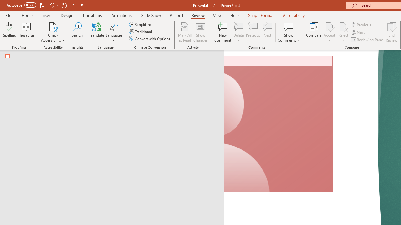  What do you see at coordinates (51, 5) in the screenshot?
I see `'Undo'` at bounding box center [51, 5].